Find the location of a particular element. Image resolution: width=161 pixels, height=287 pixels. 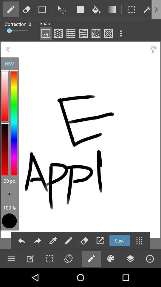

paint menu is located at coordinates (11, 258).